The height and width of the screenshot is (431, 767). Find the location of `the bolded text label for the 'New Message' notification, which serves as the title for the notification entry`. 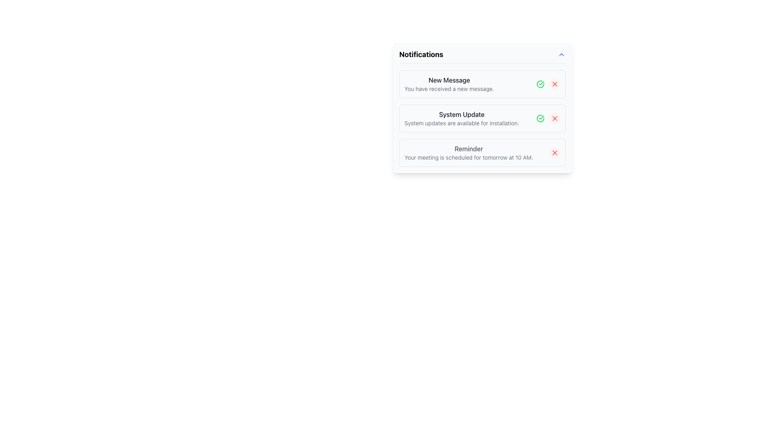

the bolded text label for the 'New Message' notification, which serves as the title for the notification entry is located at coordinates (449, 80).